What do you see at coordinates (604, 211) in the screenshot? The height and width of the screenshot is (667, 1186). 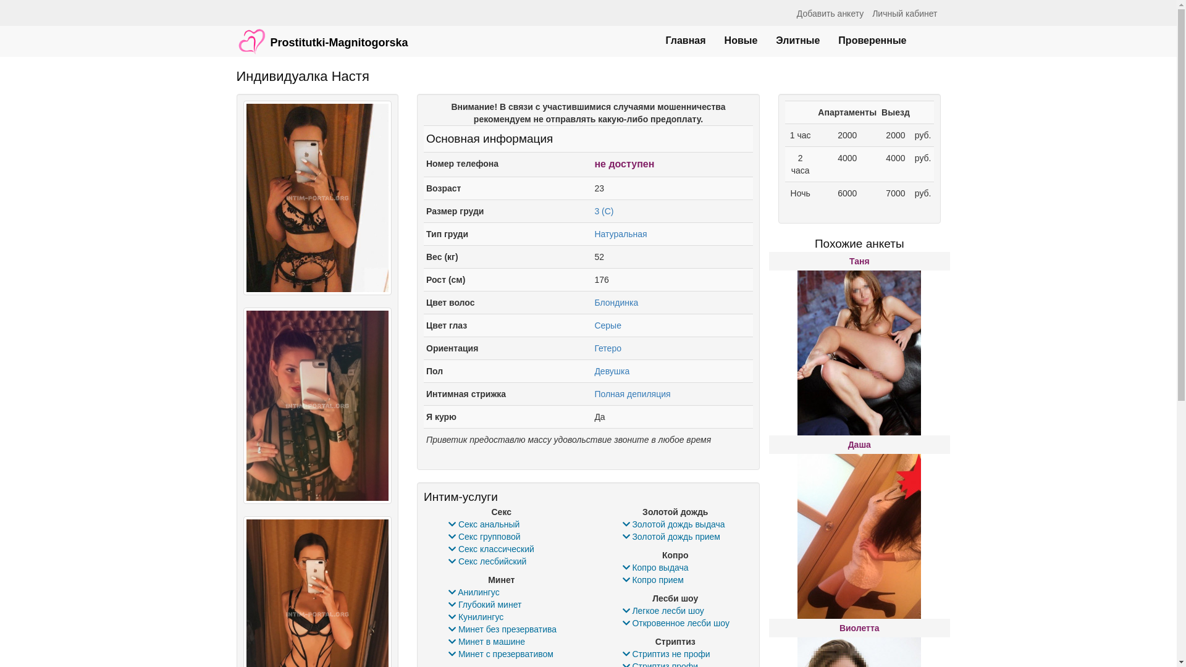 I see `'3 (C)'` at bounding box center [604, 211].